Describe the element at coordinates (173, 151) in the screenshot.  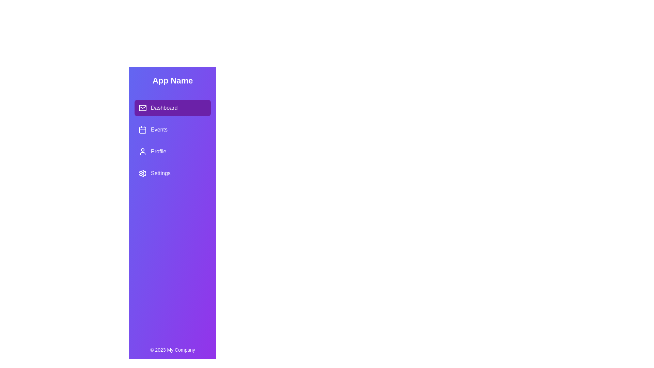
I see `the navigation item corresponding to Profile` at that location.